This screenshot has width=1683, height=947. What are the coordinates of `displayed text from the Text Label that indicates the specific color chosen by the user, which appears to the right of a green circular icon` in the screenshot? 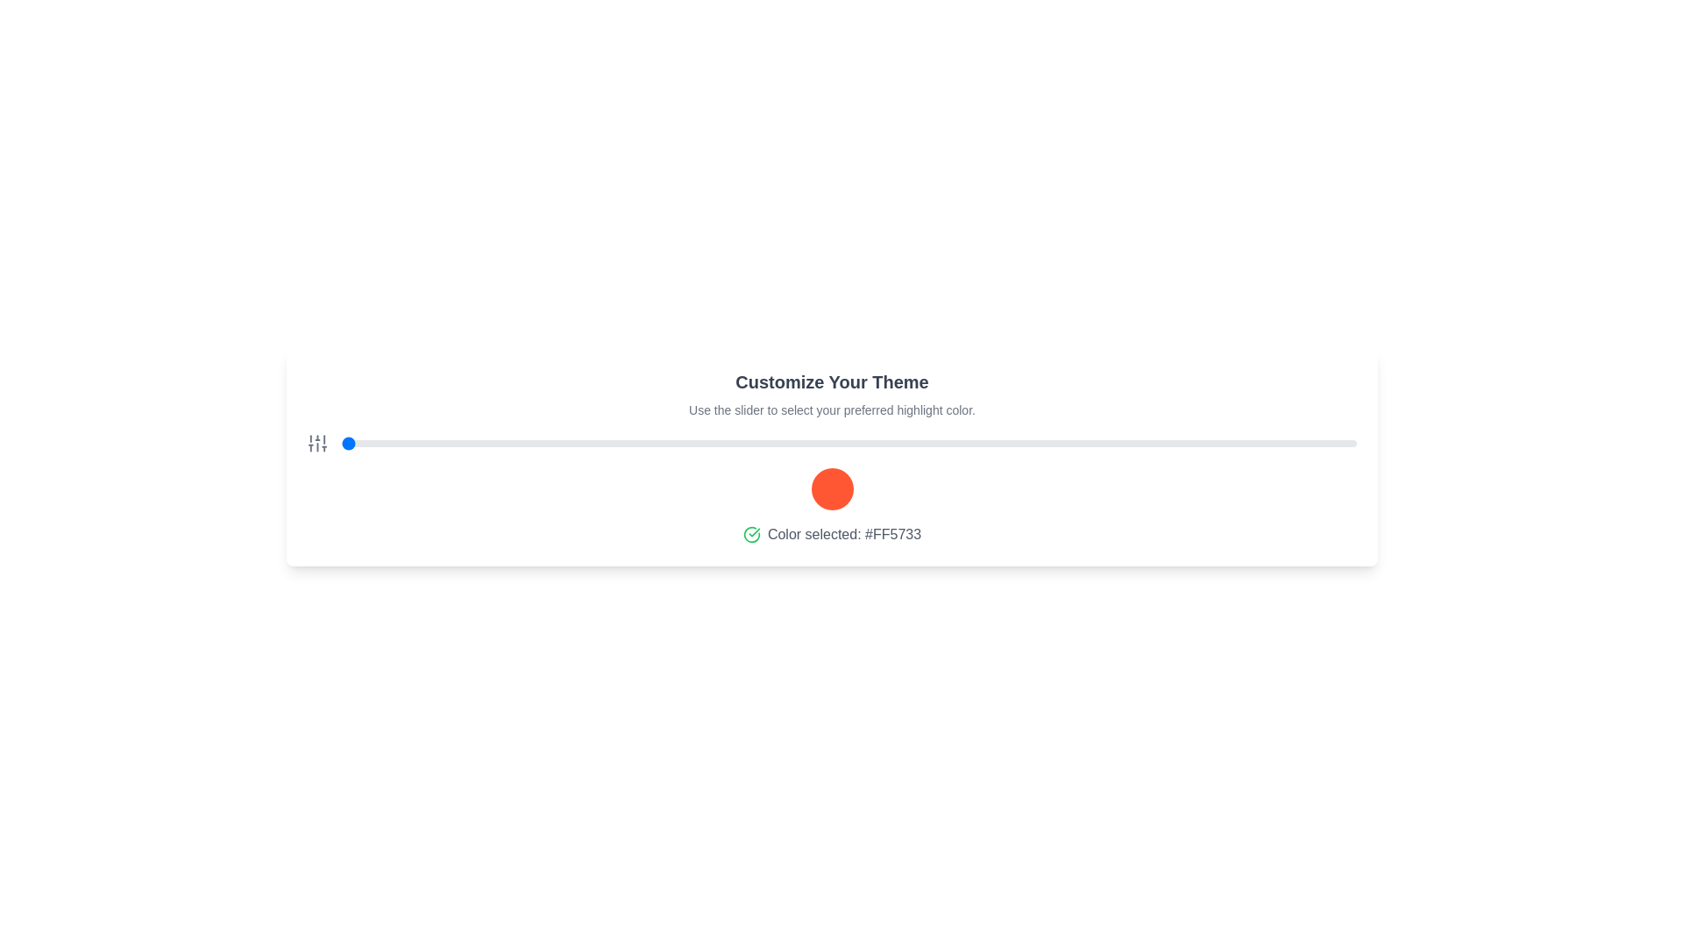 It's located at (844, 533).